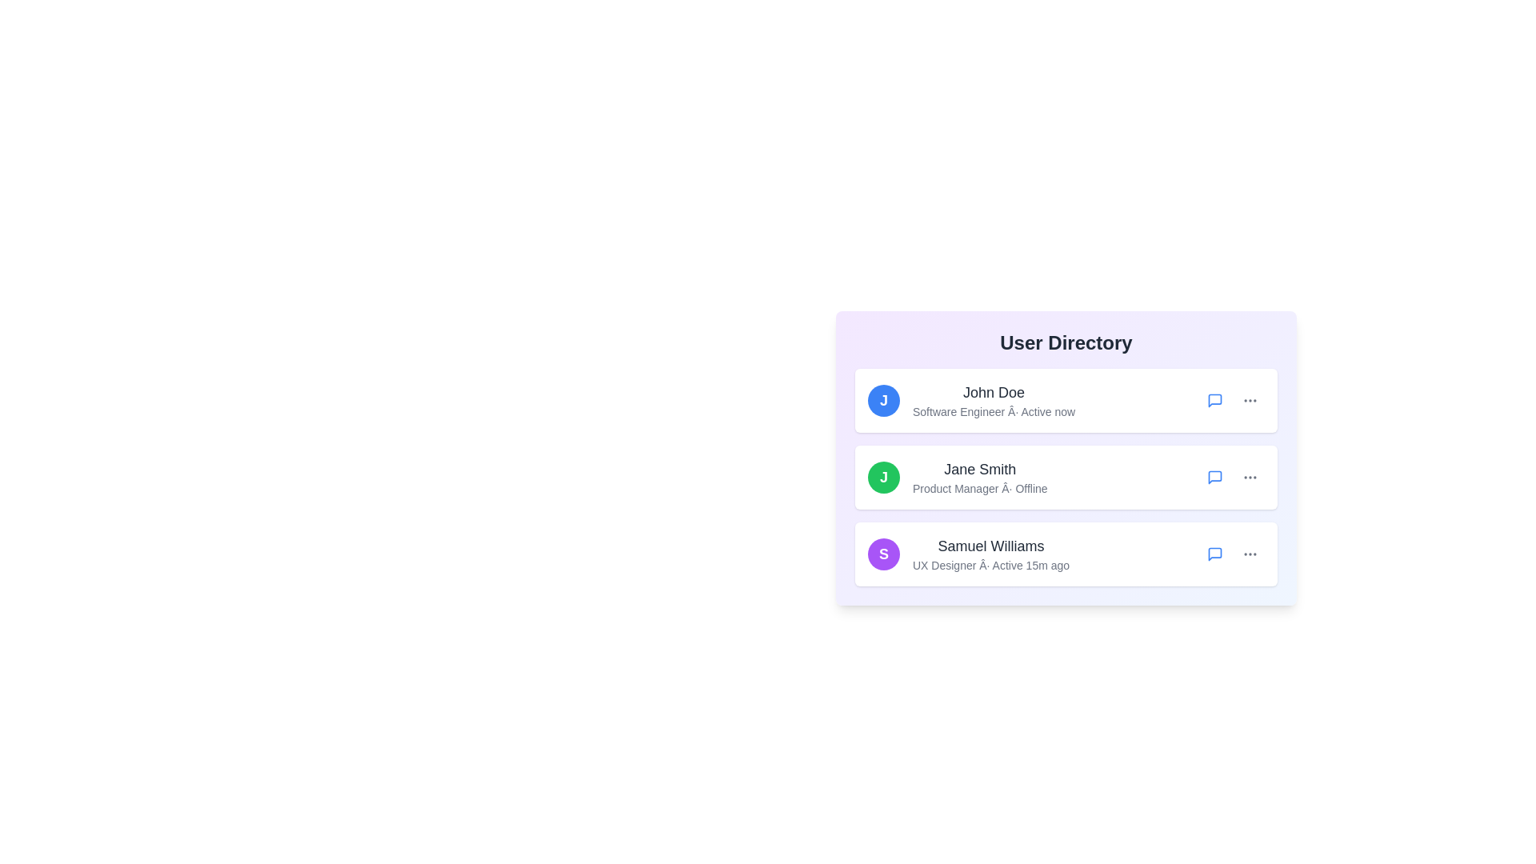  What do you see at coordinates (882, 477) in the screenshot?
I see `the avatar of Jane Smith` at bounding box center [882, 477].